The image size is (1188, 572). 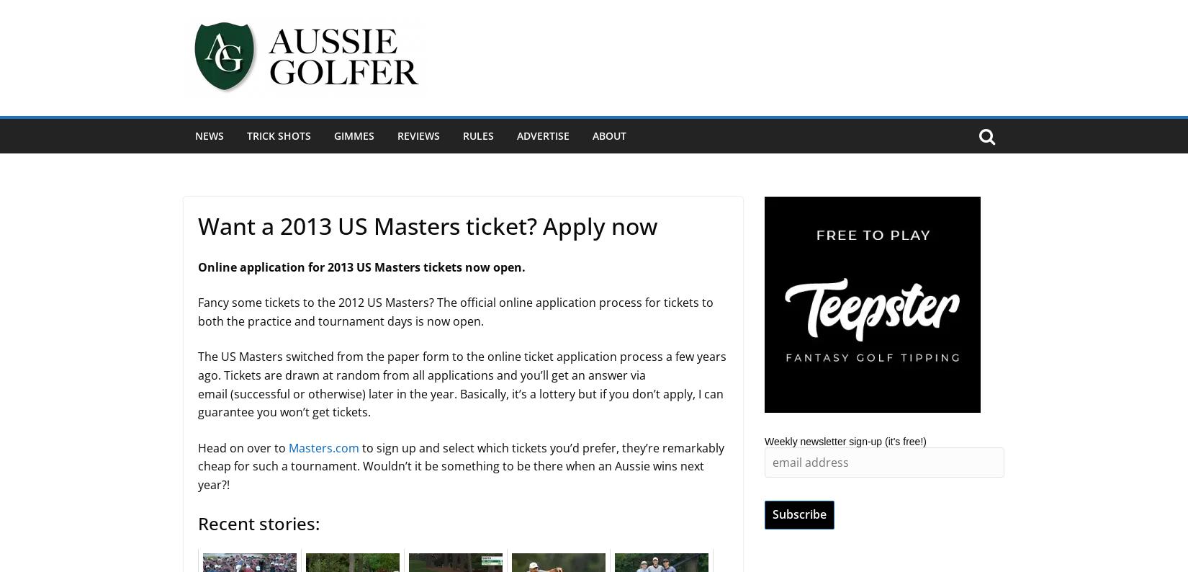 What do you see at coordinates (198, 465) in the screenshot?
I see `'to sign up and select which tickets you’d prefer, they’re remarkably cheap for such a tournament. Wouldn’t it be something to be there when an Aussie wins next year?!'` at bounding box center [198, 465].